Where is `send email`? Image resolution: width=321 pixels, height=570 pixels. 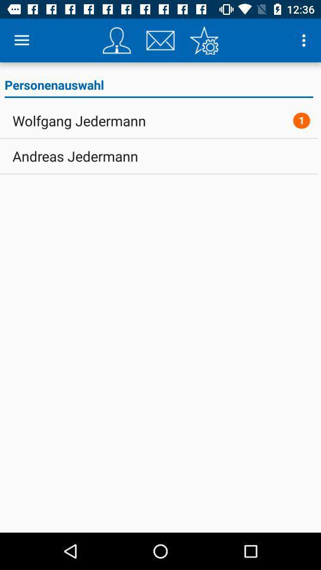 send email is located at coordinates (160, 40).